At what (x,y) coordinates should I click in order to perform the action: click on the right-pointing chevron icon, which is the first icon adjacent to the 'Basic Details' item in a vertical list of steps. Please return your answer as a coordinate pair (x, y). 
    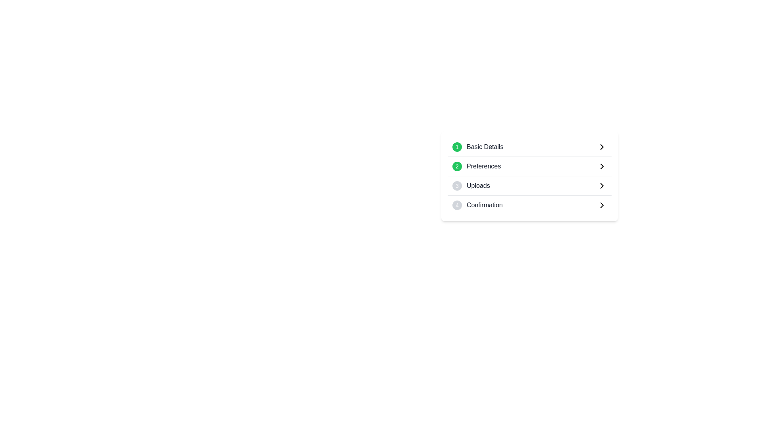
    Looking at the image, I should click on (602, 147).